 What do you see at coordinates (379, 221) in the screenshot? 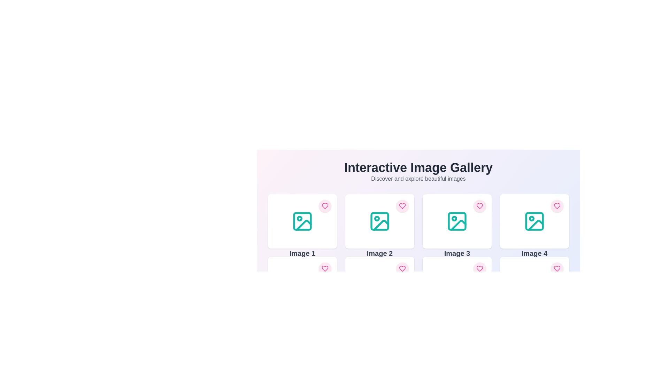
I see `the teal rectangular Decorative SVG subcomponent located in the top-left of the picture frame icon in the second image slot of the gallery grid` at bounding box center [379, 221].